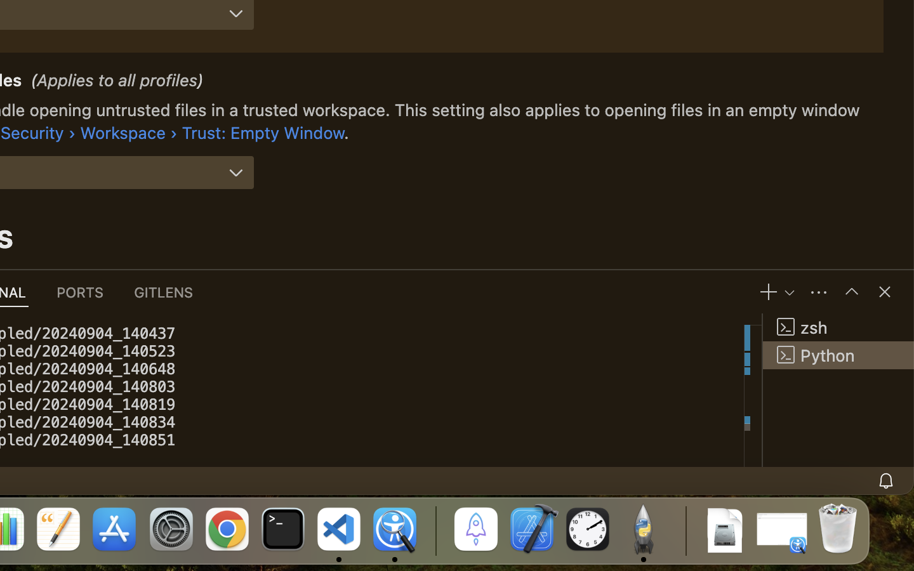  I want to click on 'Applies to all profiles', so click(117, 81).